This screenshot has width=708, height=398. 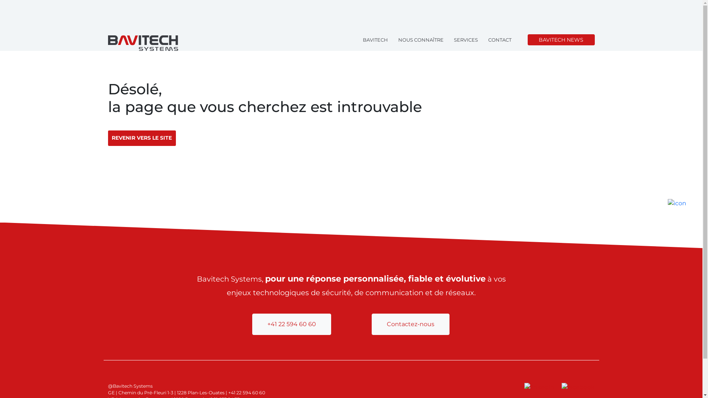 What do you see at coordinates (540, 387) in the screenshot?
I see `'Partager sur LinkedIn'` at bounding box center [540, 387].